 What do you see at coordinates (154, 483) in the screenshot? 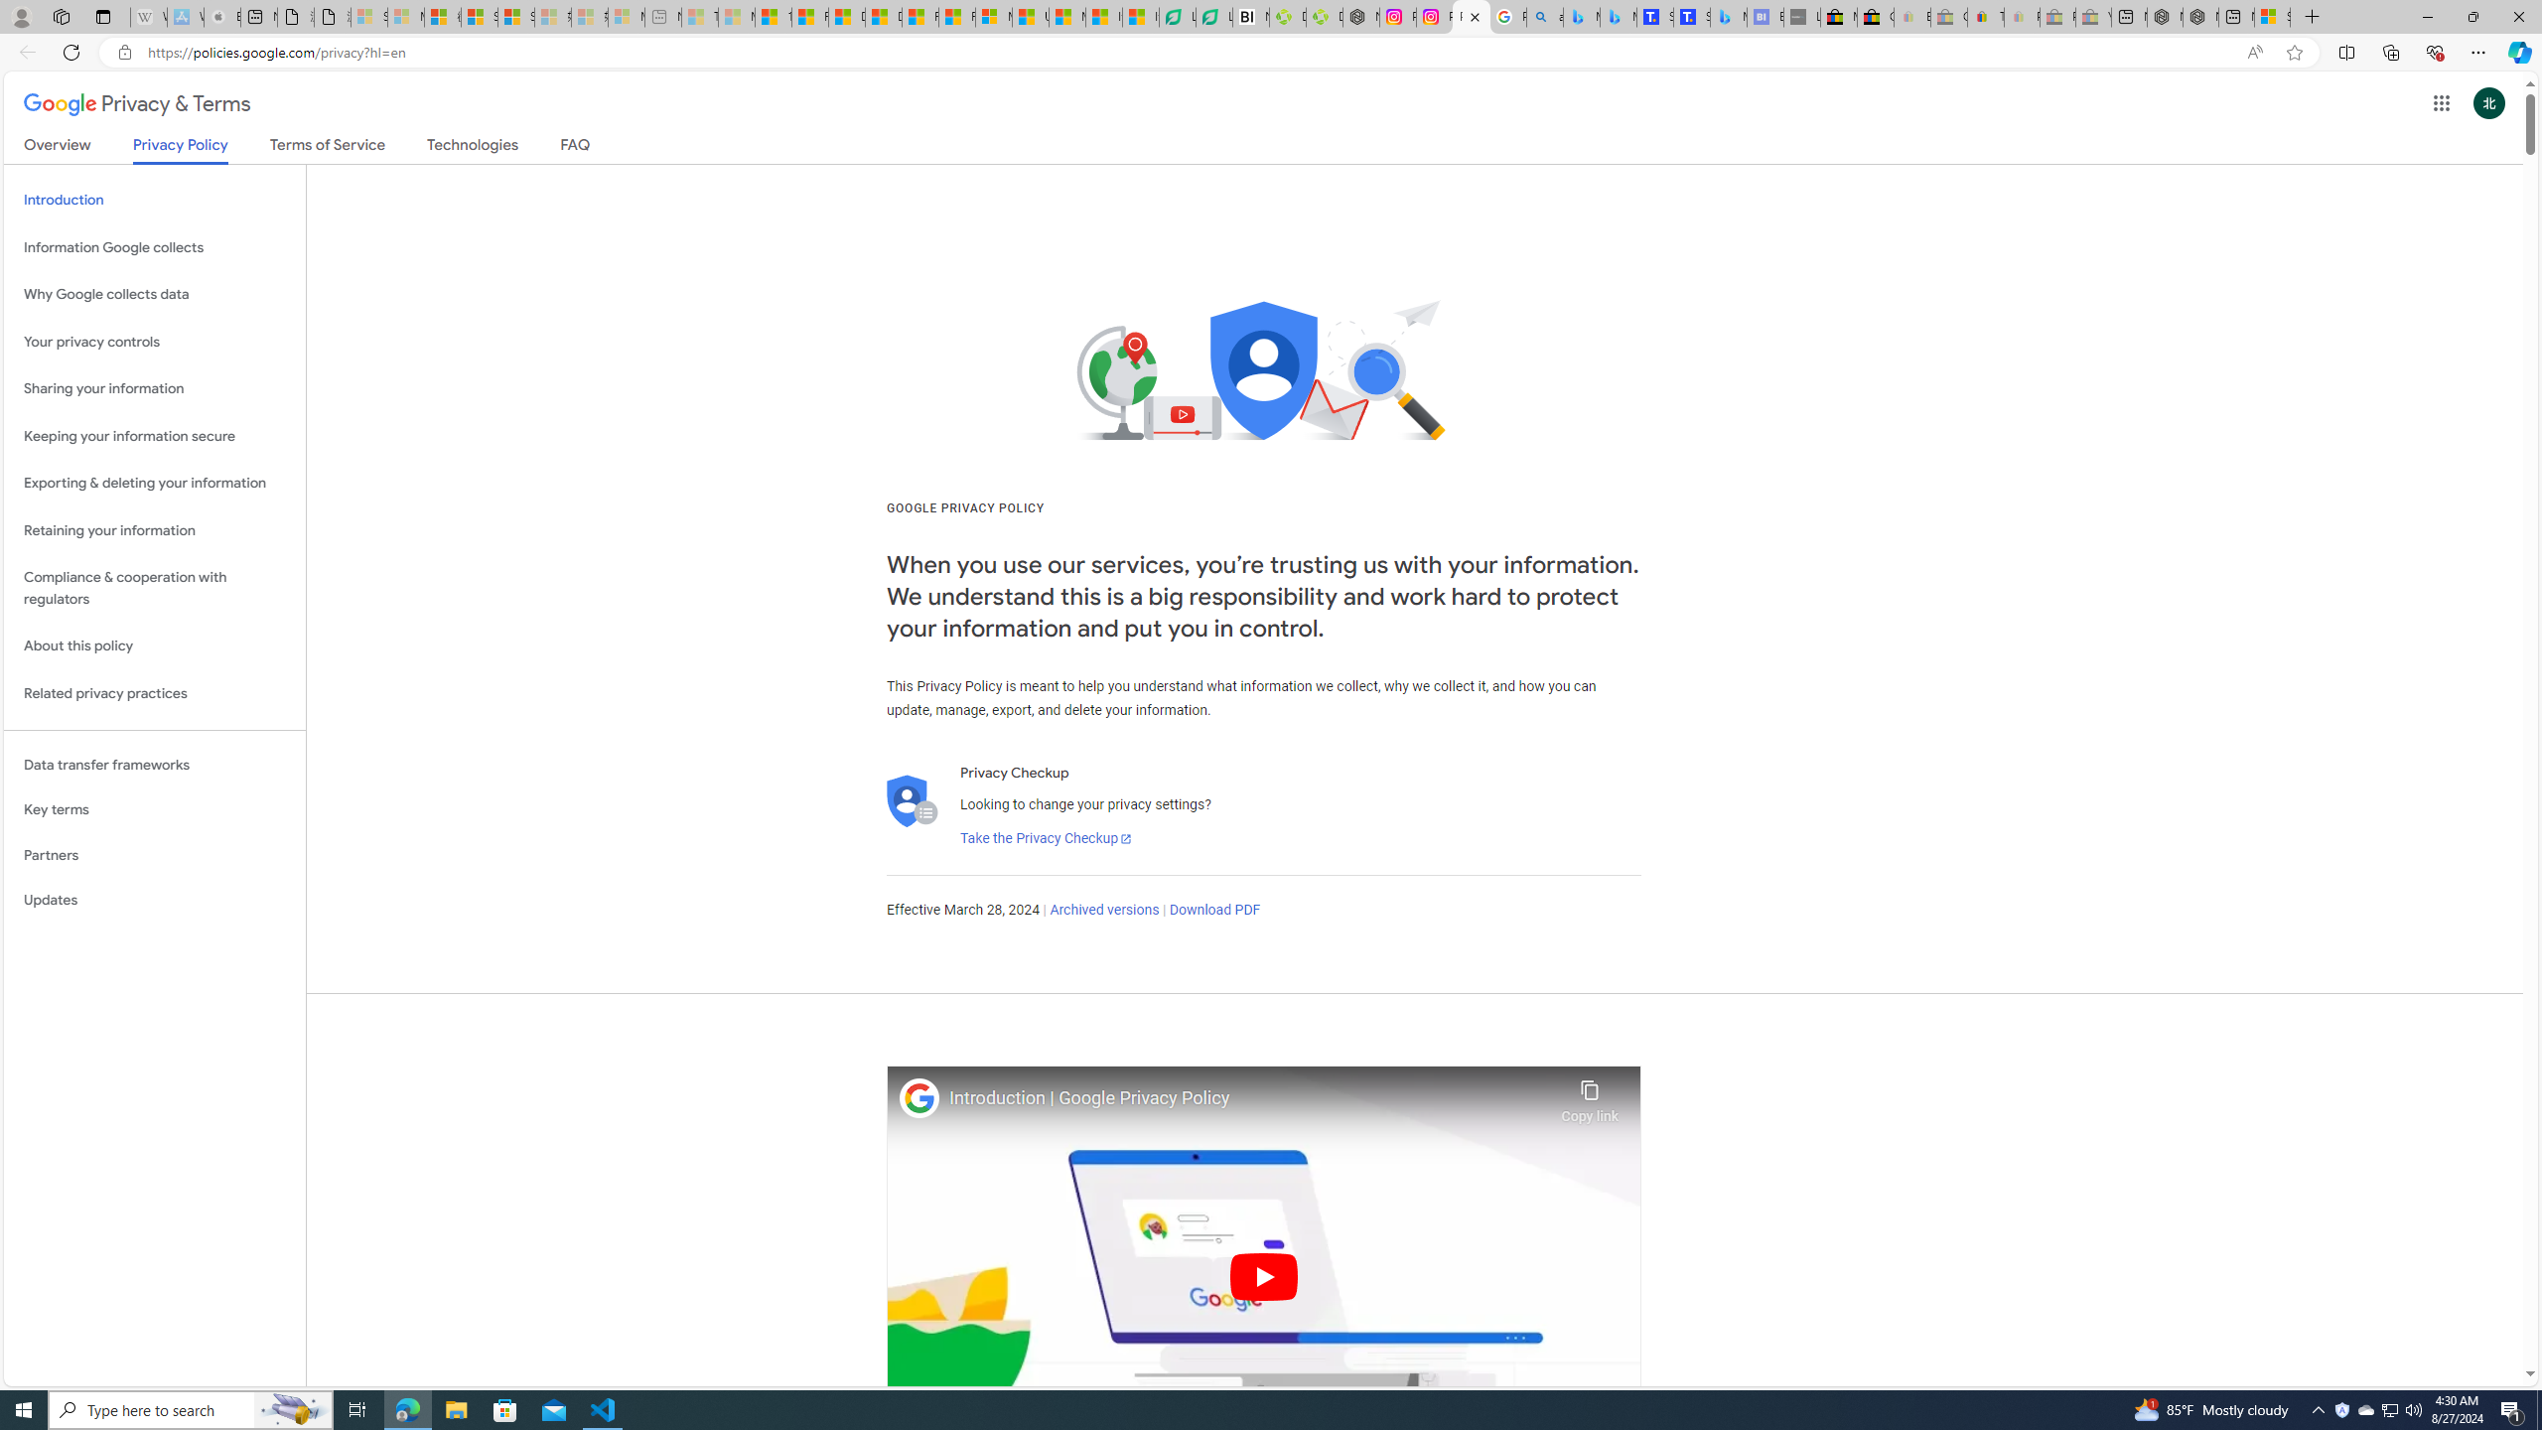
I see `'Exporting & deleting your information'` at bounding box center [154, 483].